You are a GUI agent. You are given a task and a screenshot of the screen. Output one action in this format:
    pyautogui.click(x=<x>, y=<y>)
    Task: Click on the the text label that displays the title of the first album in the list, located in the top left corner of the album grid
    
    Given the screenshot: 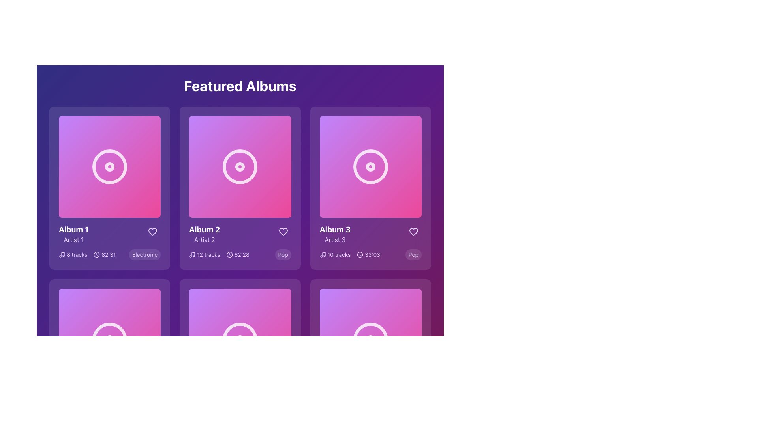 What is the action you would take?
    pyautogui.click(x=73, y=230)
    